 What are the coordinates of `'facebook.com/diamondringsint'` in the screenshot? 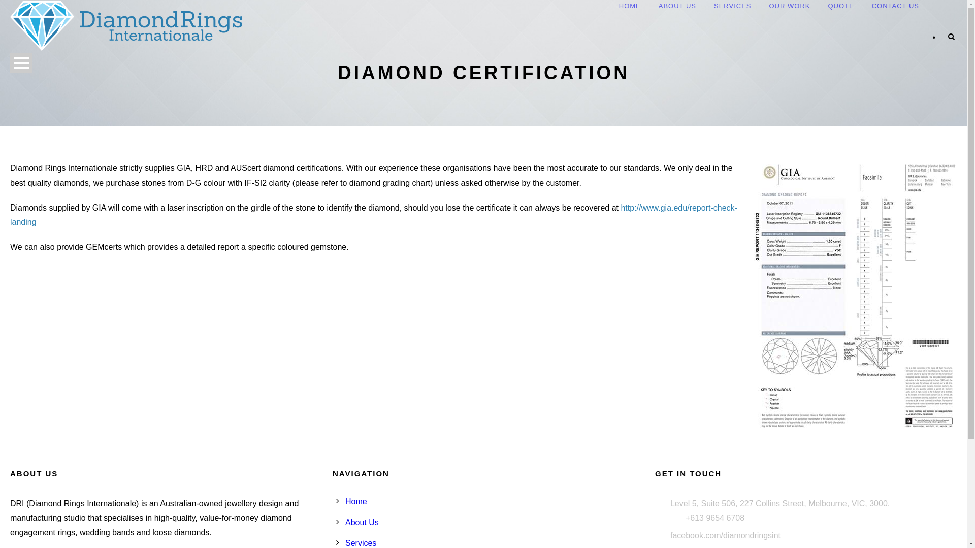 It's located at (725, 535).